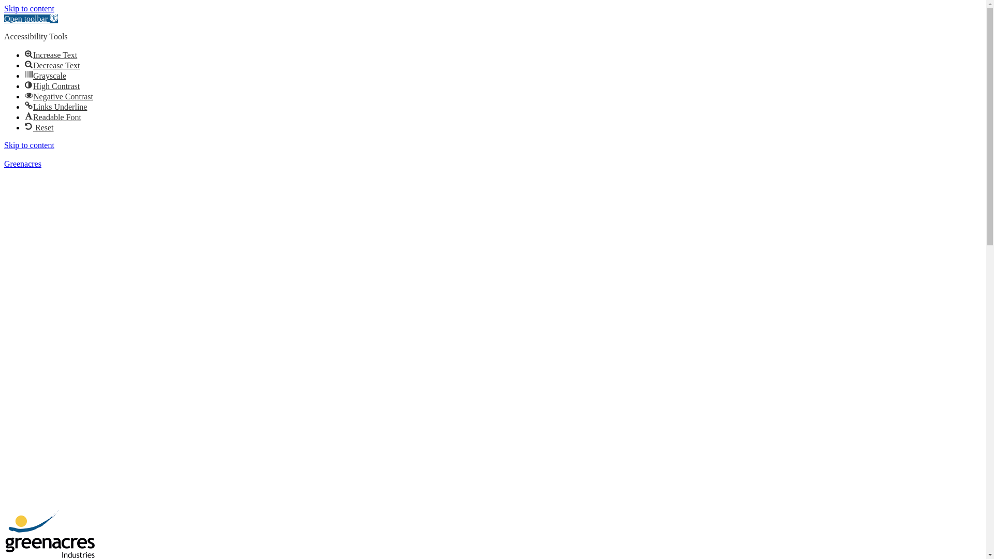 This screenshot has width=994, height=559. What do you see at coordinates (111, 154) in the screenshot?
I see `'sales@greenacresindustries.com.au'` at bounding box center [111, 154].